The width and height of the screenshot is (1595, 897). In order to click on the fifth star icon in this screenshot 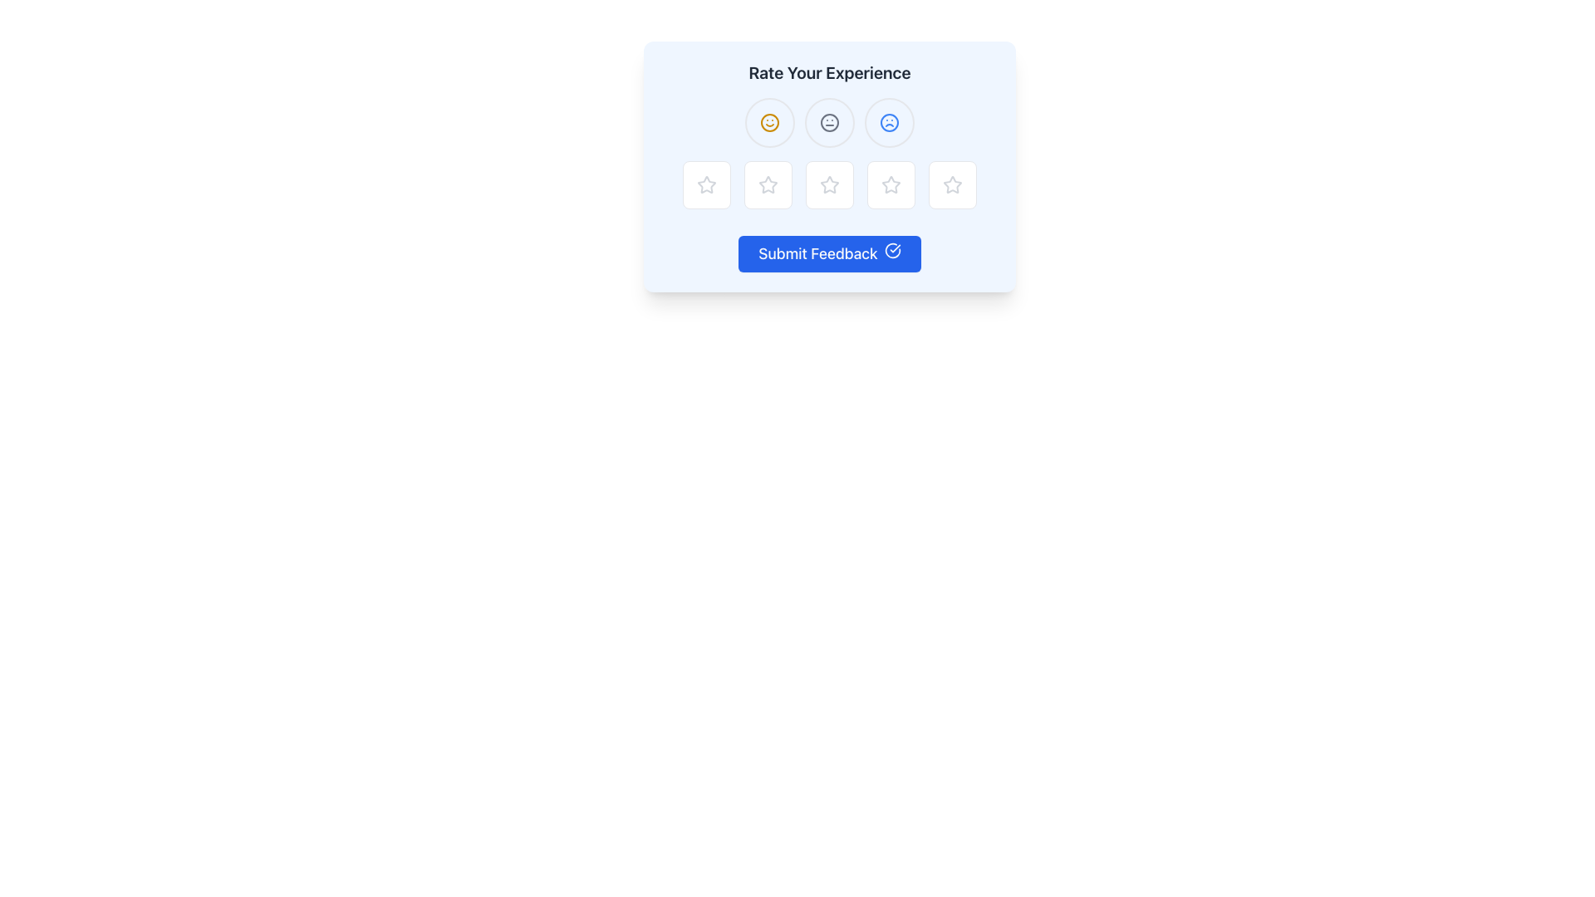, I will do `click(953, 185)`.